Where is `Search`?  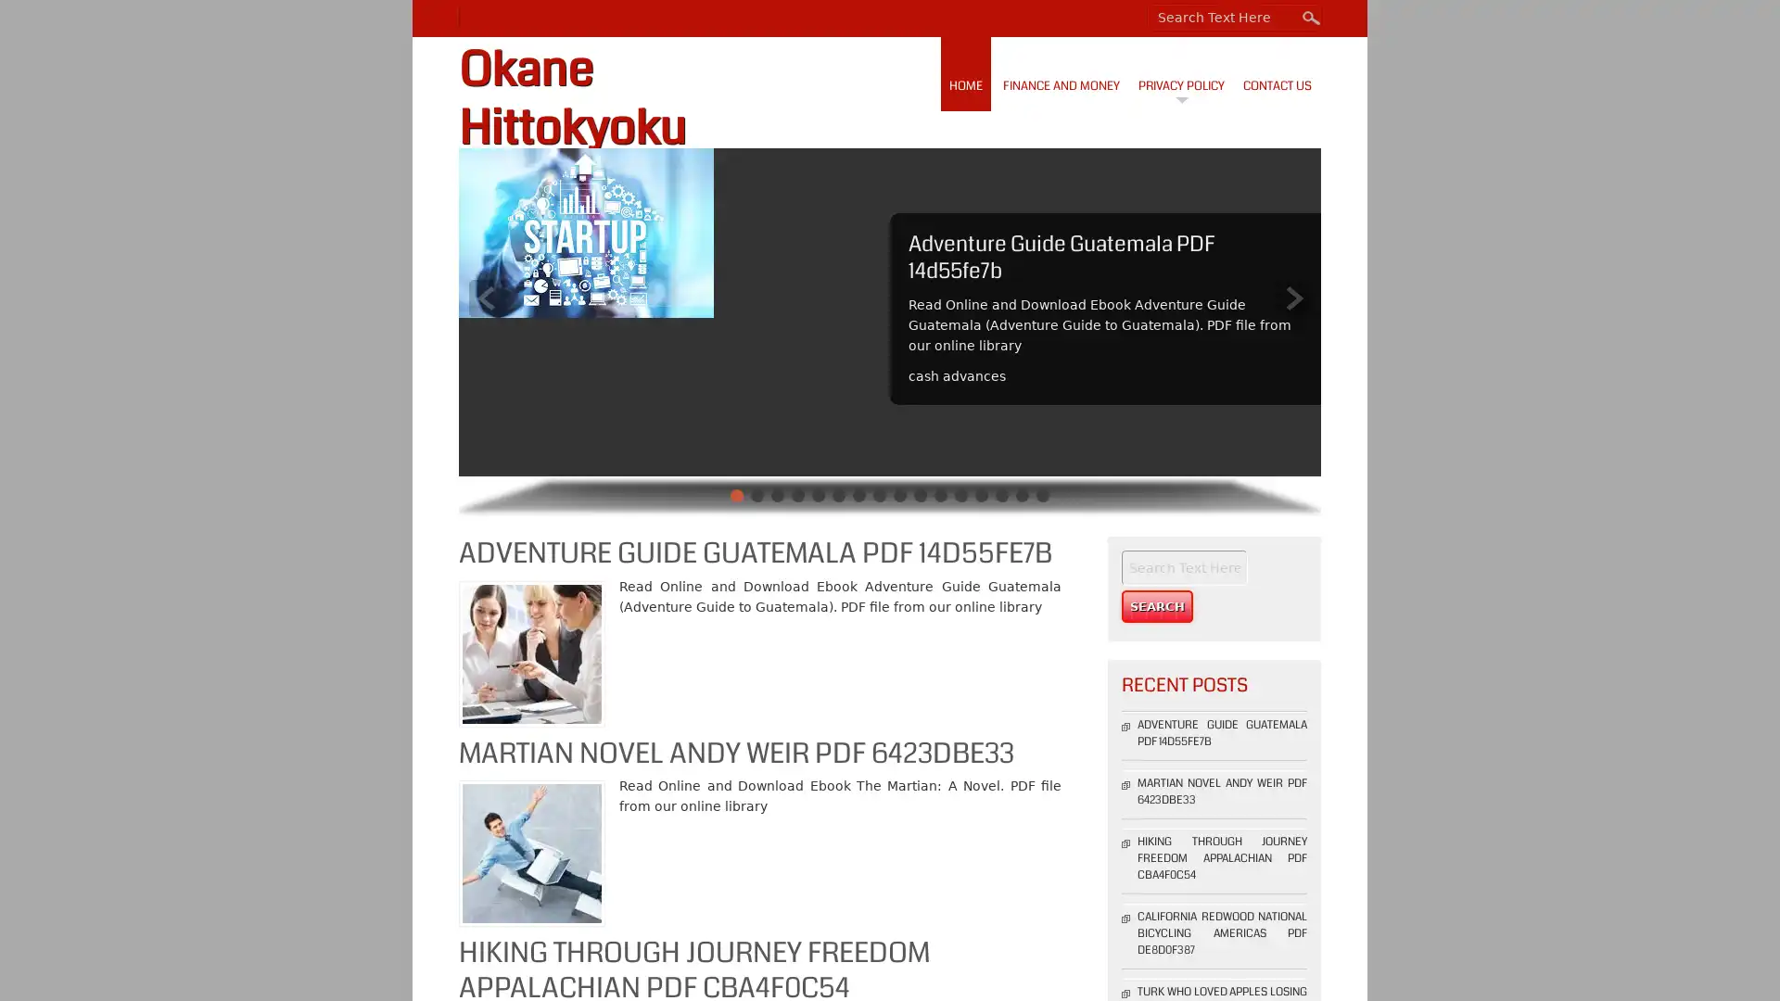
Search is located at coordinates (1156, 606).